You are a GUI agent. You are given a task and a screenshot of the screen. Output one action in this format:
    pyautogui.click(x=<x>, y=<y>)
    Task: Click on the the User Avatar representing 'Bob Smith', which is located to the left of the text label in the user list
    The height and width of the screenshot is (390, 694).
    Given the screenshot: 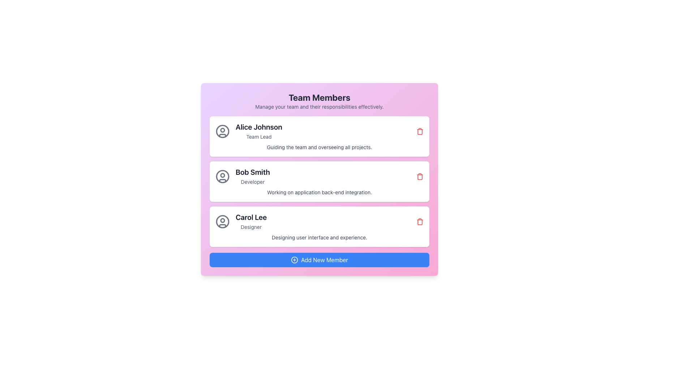 What is the action you would take?
    pyautogui.click(x=222, y=177)
    